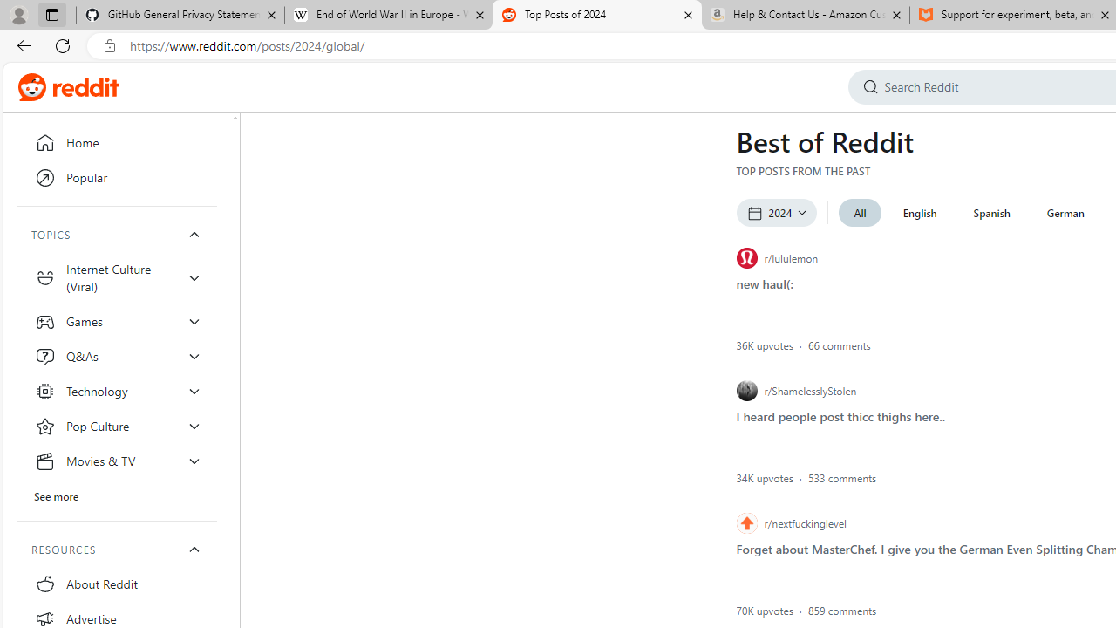 The image size is (1116, 628). Describe the element at coordinates (596, 15) in the screenshot. I see `'Top Posts of 2024'` at that location.